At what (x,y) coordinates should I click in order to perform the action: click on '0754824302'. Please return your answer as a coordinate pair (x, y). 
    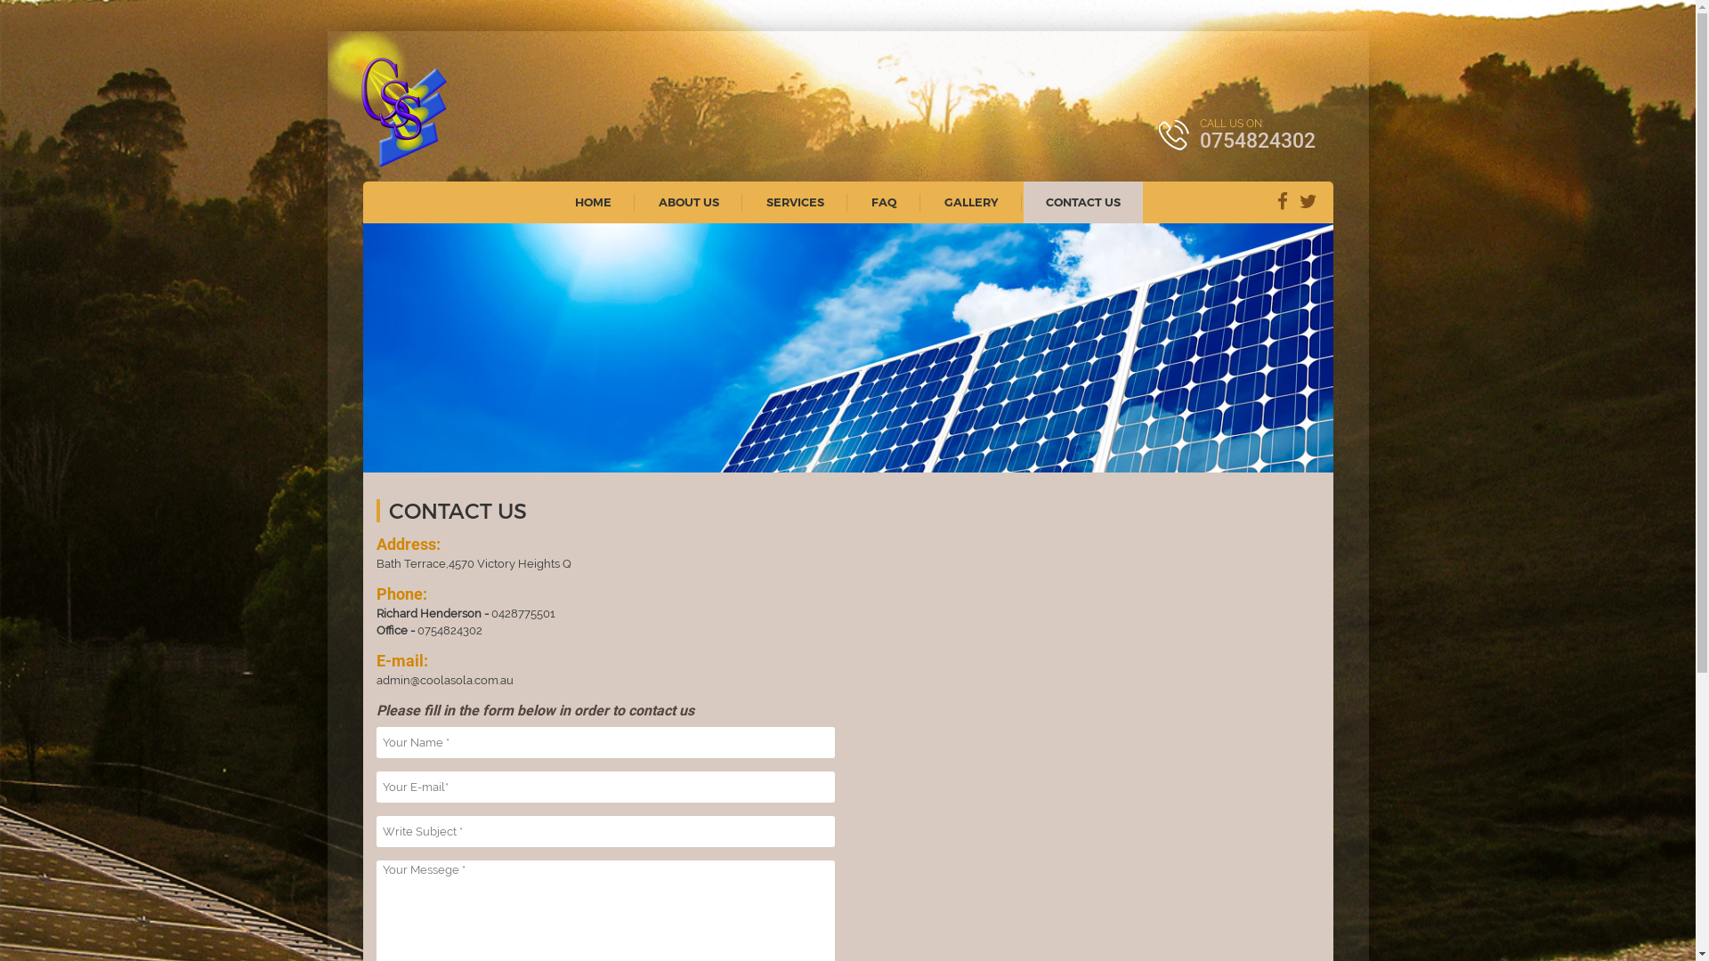
    Looking at the image, I should click on (449, 629).